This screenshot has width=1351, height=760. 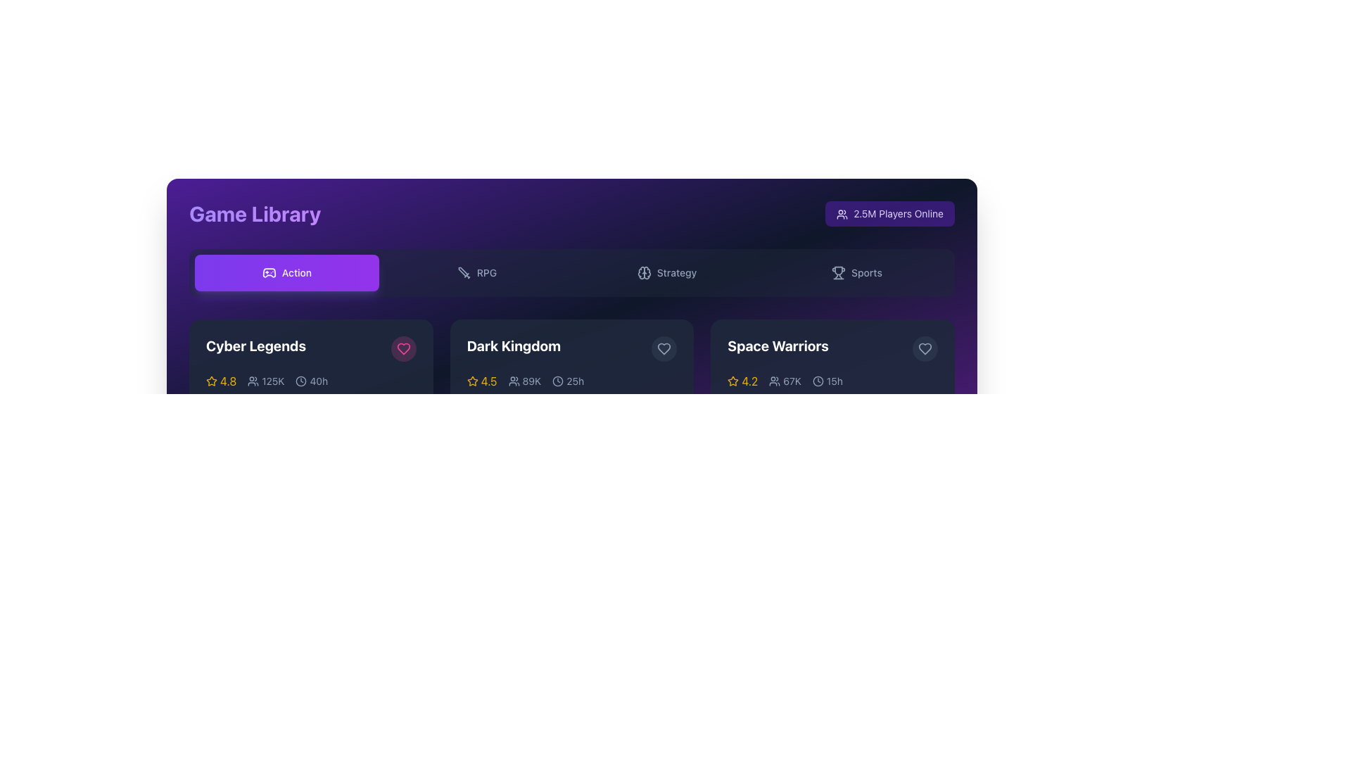 What do you see at coordinates (211, 381) in the screenshot?
I see `the star icon with an outlined shape filled with yellow color, located adjacent to the score text '4.8' below the game title 'Cyber Legends'` at bounding box center [211, 381].